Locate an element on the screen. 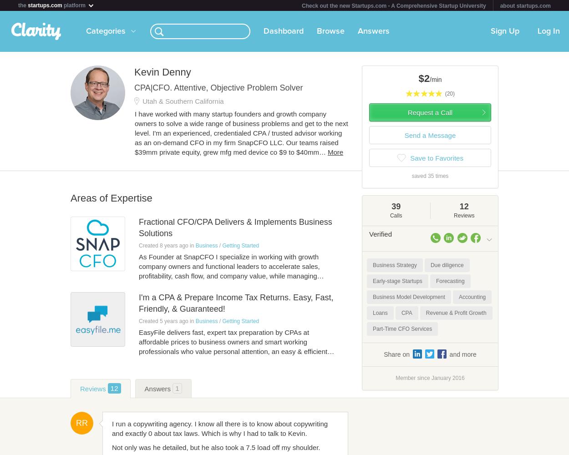 The image size is (569, 455). 'Send a Message' is located at coordinates (429, 135).